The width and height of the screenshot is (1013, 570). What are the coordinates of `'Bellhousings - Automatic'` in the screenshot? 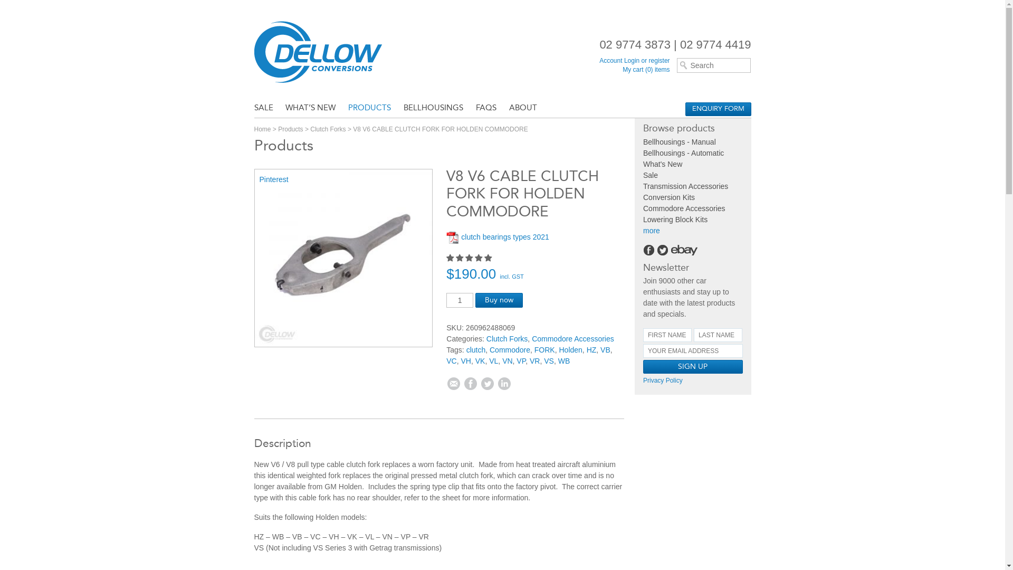 It's located at (683, 153).